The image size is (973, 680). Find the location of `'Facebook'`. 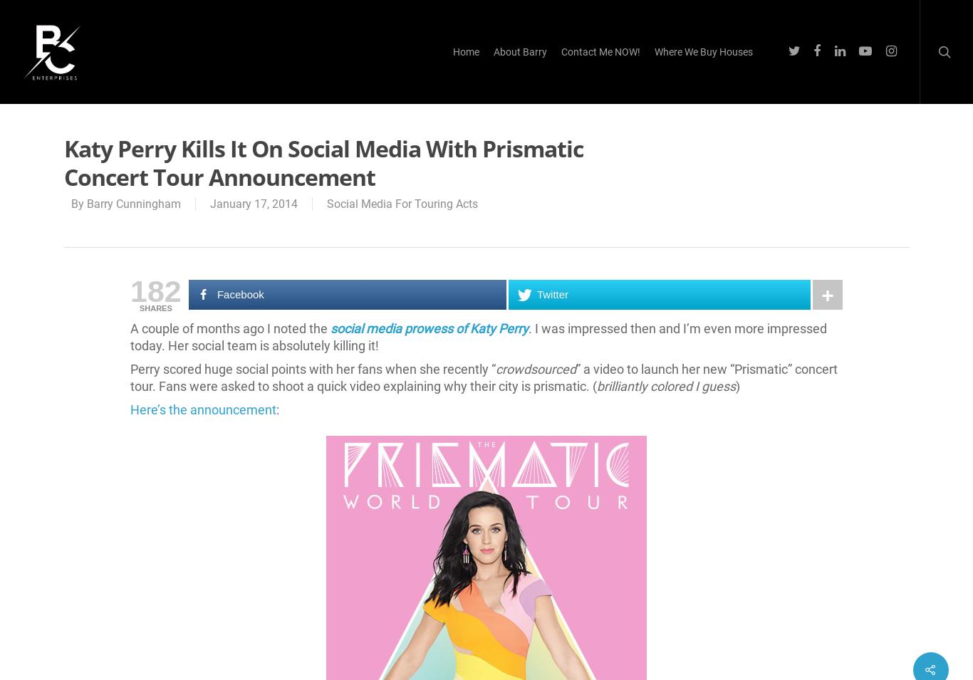

'Facebook' is located at coordinates (239, 293).